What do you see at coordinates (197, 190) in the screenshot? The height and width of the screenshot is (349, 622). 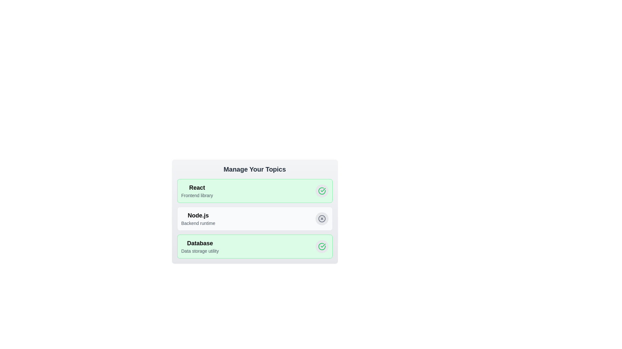 I see `the tag labeled React to observe its hover effect` at bounding box center [197, 190].